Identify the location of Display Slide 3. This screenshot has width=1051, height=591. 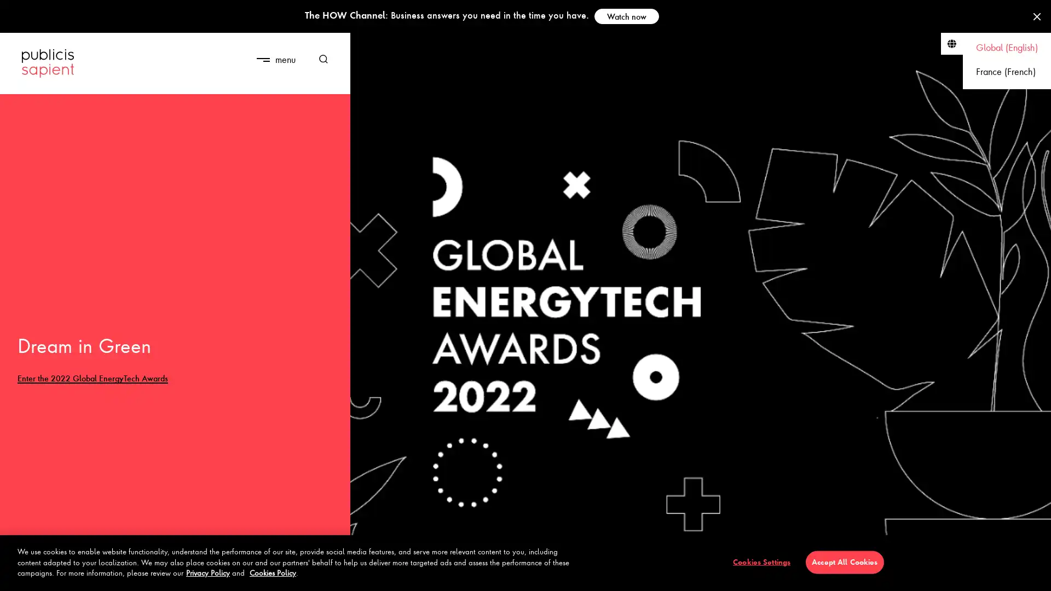
(66, 576).